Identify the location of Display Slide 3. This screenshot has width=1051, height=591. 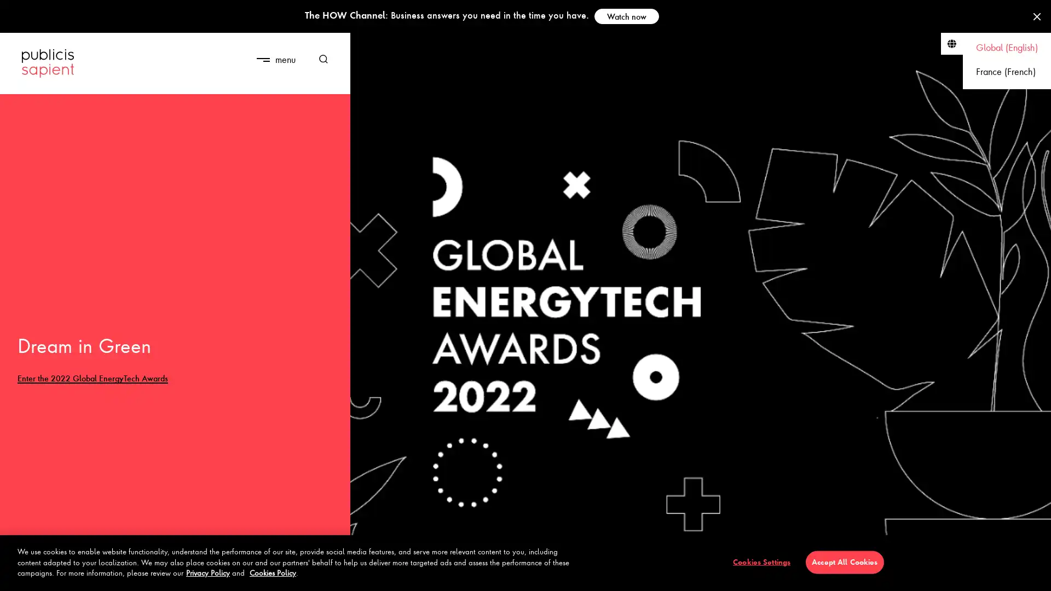
(66, 576).